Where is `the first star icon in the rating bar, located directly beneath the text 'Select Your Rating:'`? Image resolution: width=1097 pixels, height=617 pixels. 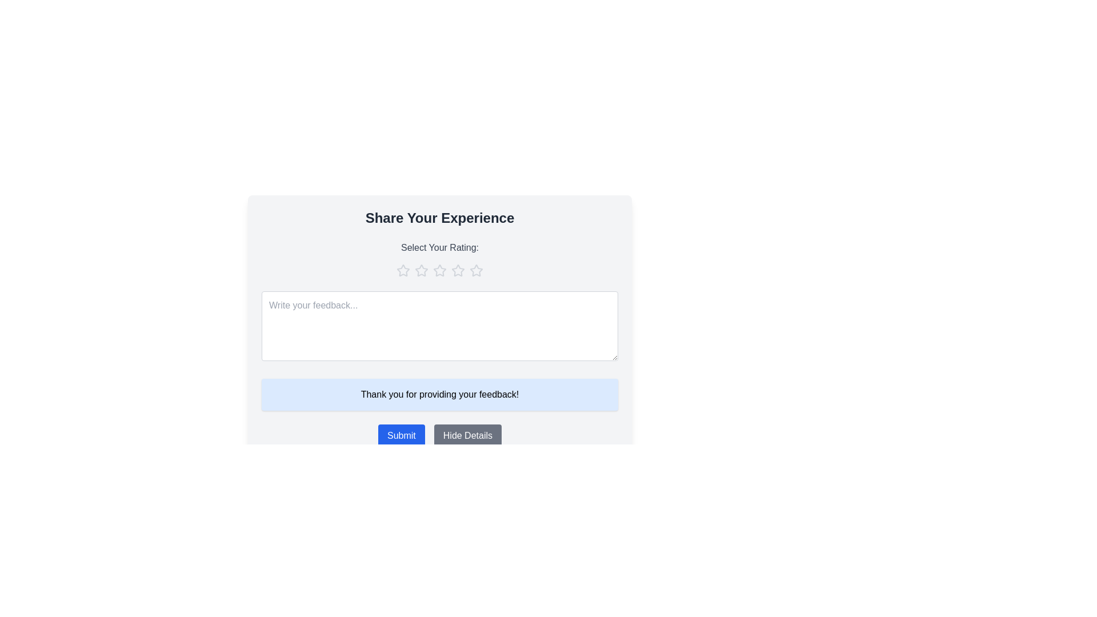
the first star icon in the rating bar, located directly beneath the text 'Select Your Rating:' is located at coordinates (403, 270).